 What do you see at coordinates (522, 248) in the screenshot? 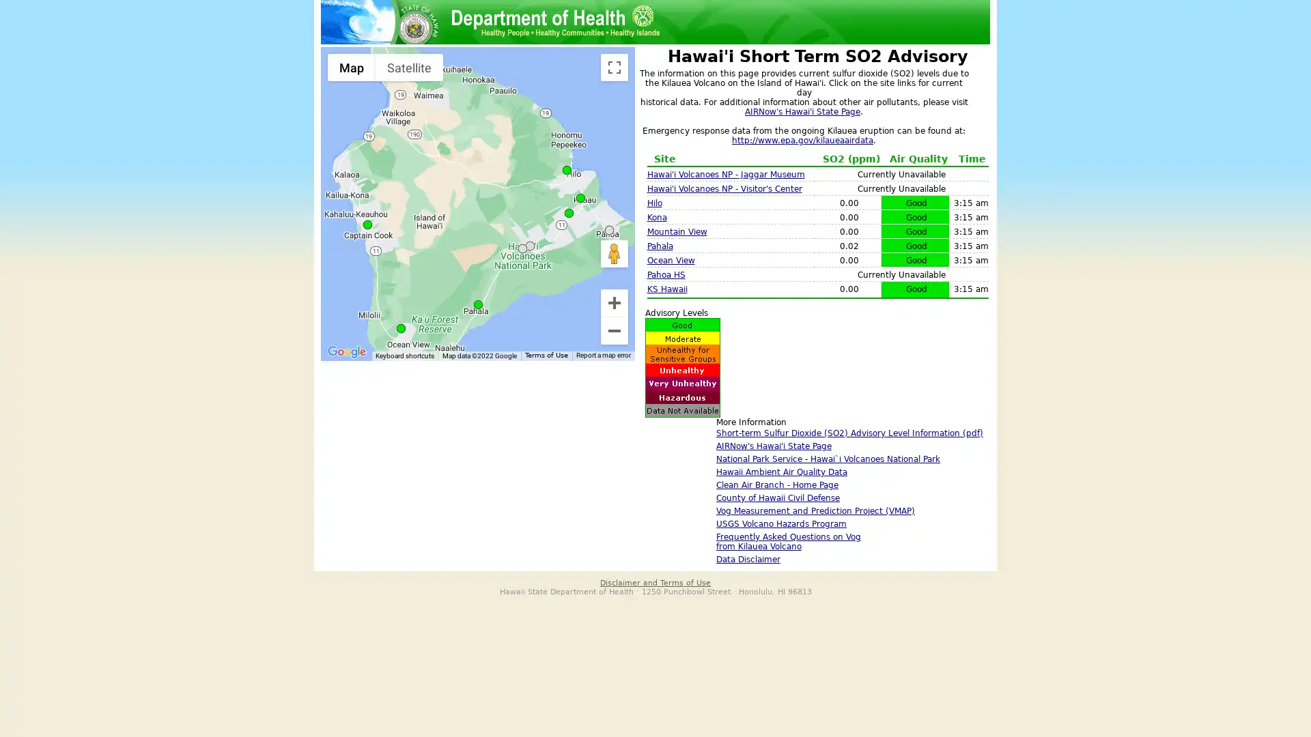
I see `Hawaii Volcanoes NP - Observatory: No Data` at bounding box center [522, 248].